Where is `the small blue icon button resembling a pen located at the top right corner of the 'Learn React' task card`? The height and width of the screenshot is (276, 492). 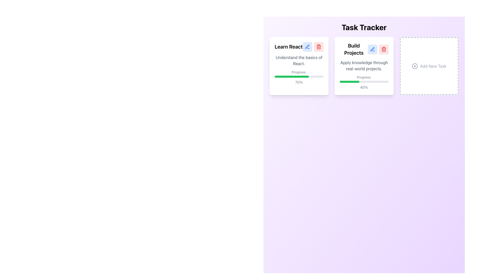
the small blue icon button resembling a pen located at the top right corner of the 'Learn React' task card is located at coordinates (307, 47).